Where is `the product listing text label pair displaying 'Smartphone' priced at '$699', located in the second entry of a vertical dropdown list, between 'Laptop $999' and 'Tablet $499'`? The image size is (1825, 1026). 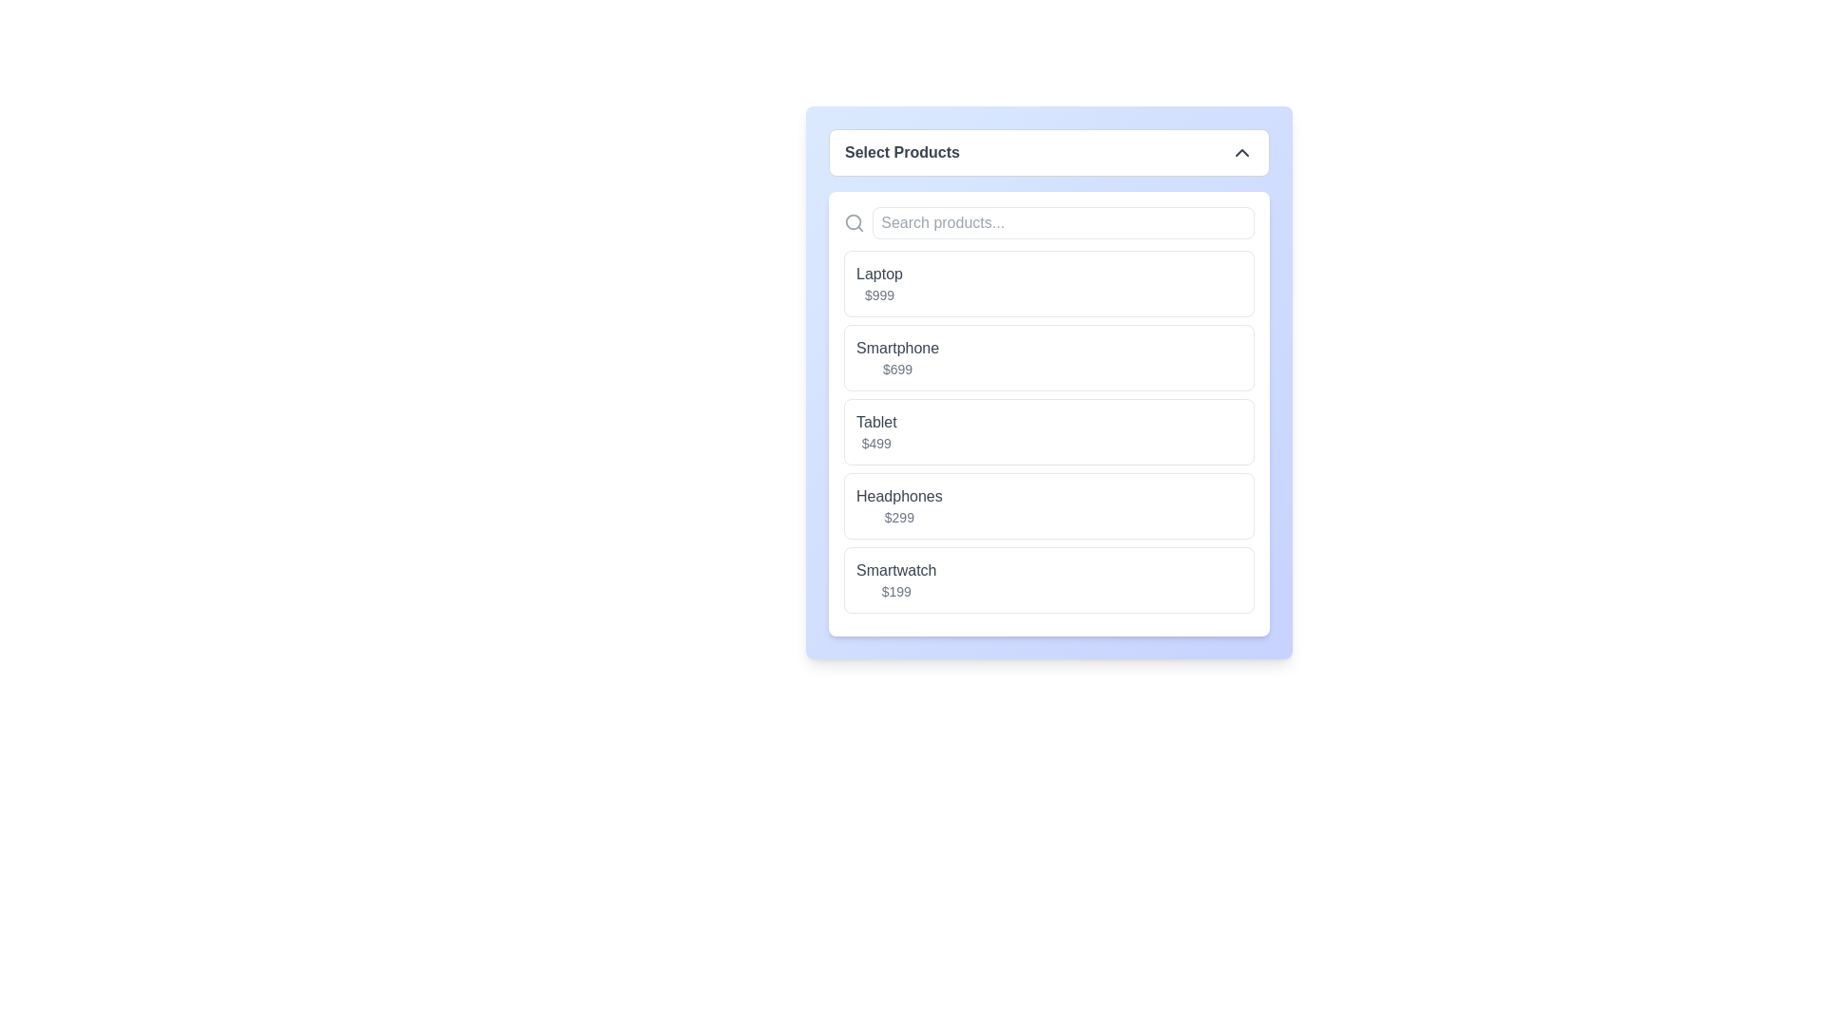 the product listing text label pair displaying 'Smartphone' priced at '$699', located in the second entry of a vertical dropdown list, between 'Laptop $999' and 'Tablet $499' is located at coordinates (896, 358).